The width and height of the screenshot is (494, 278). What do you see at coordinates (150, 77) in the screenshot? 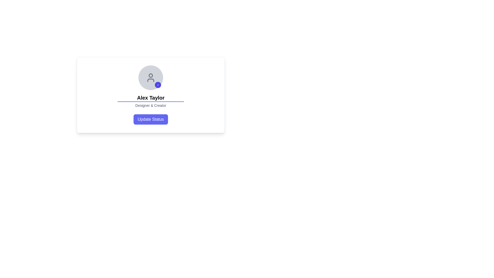
I see `the circular profile picture placeholder with a light gray background and a blue circular edit button in the lower right corner` at bounding box center [150, 77].